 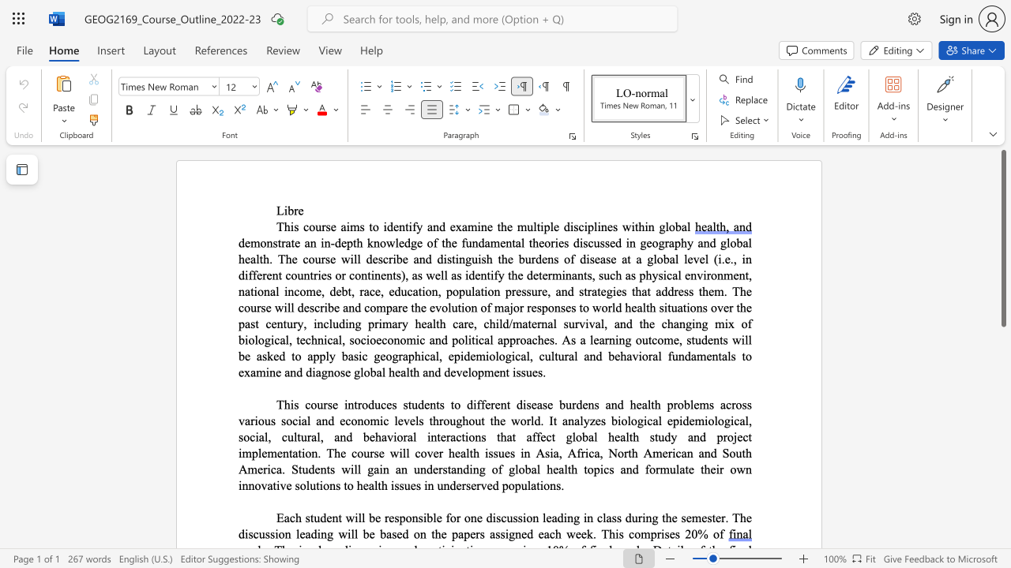 I want to click on the scrollbar to scroll the page down, so click(x=1002, y=488).